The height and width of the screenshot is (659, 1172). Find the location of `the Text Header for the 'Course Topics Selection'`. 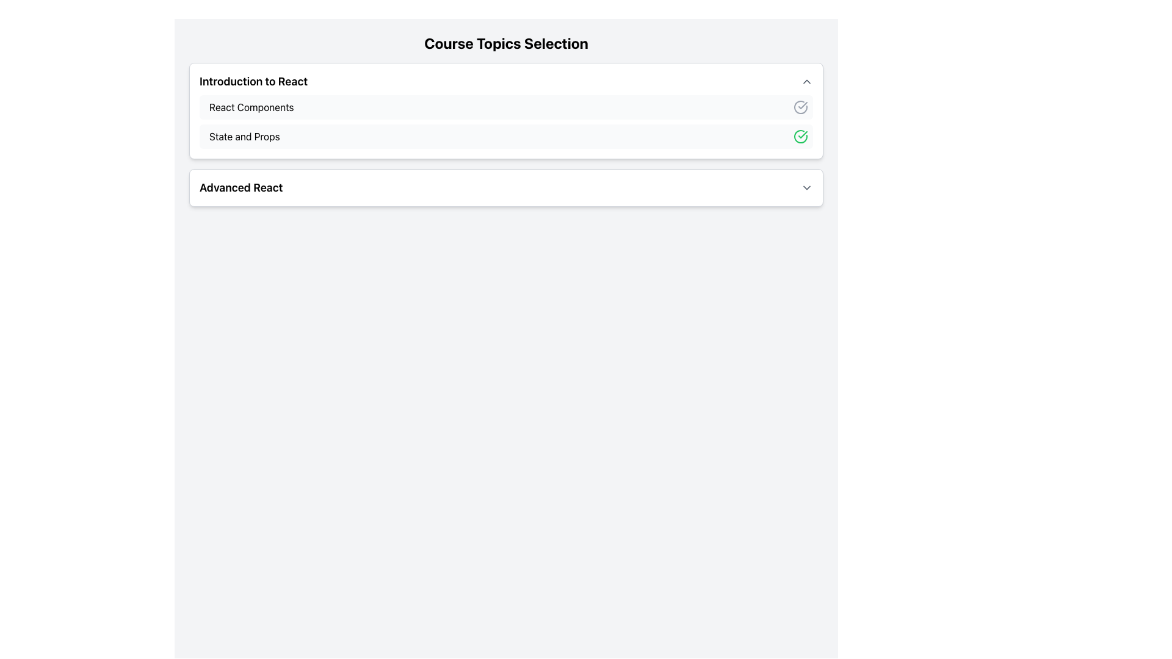

the Text Header for the 'Course Topics Selection' is located at coordinates (253, 82).